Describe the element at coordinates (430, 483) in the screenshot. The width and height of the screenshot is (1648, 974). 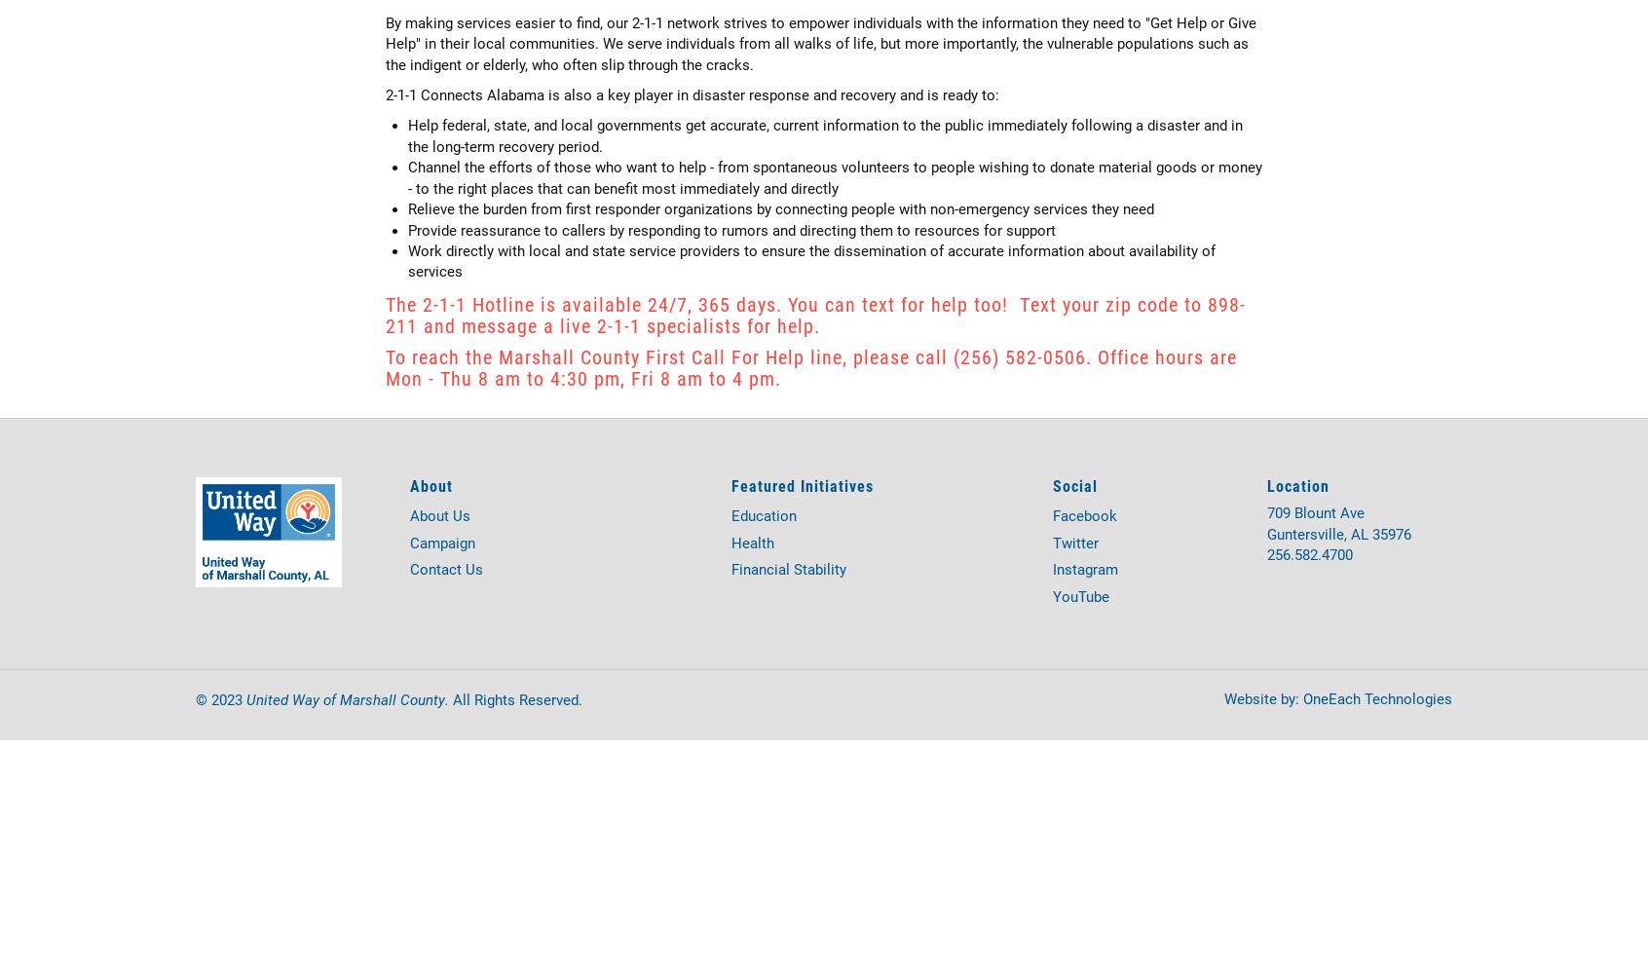
I see `'About'` at that location.